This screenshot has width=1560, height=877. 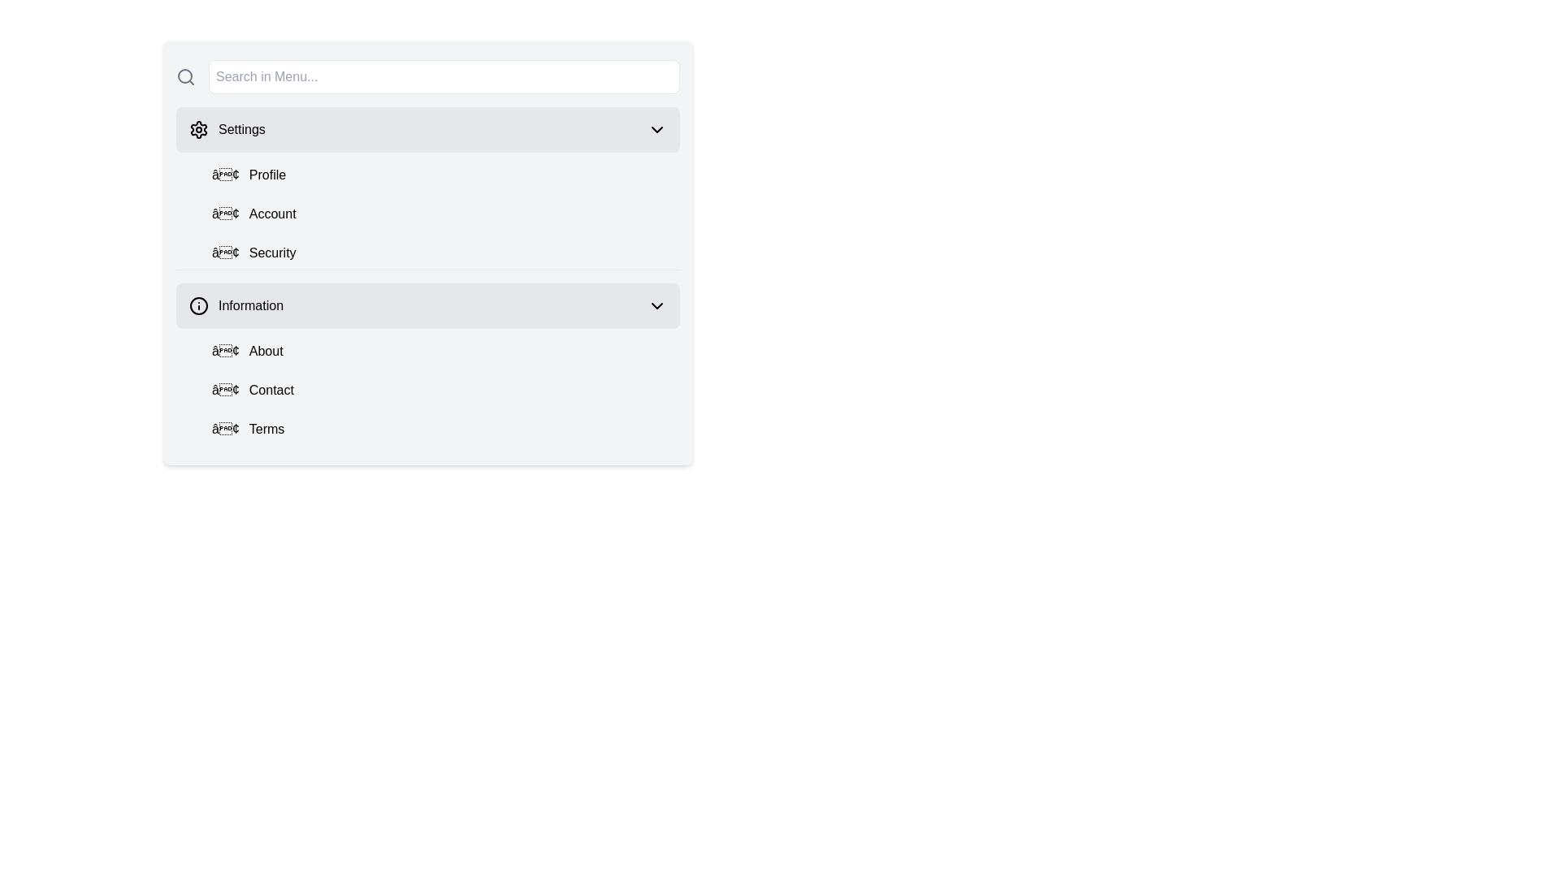 What do you see at coordinates (428, 213) in the screenshot?
I see `the 'Profile', 'Account', or 'Security' entry in the Navigation List for keyboard navigation` at bounding box center [428, 213].